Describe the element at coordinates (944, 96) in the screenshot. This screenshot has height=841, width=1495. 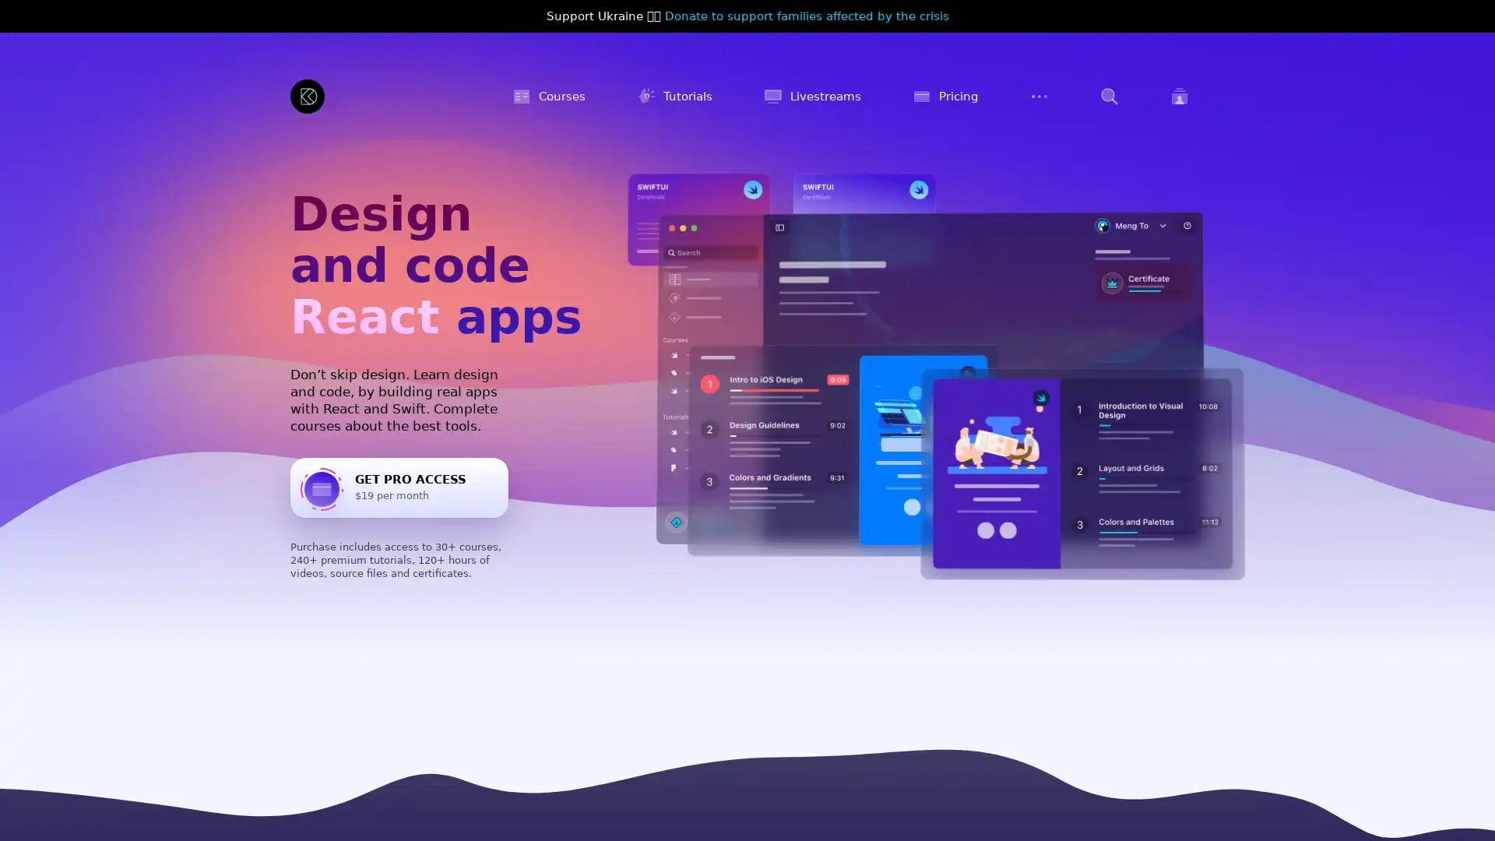
I see `Pricing icon Pricing` at that location.